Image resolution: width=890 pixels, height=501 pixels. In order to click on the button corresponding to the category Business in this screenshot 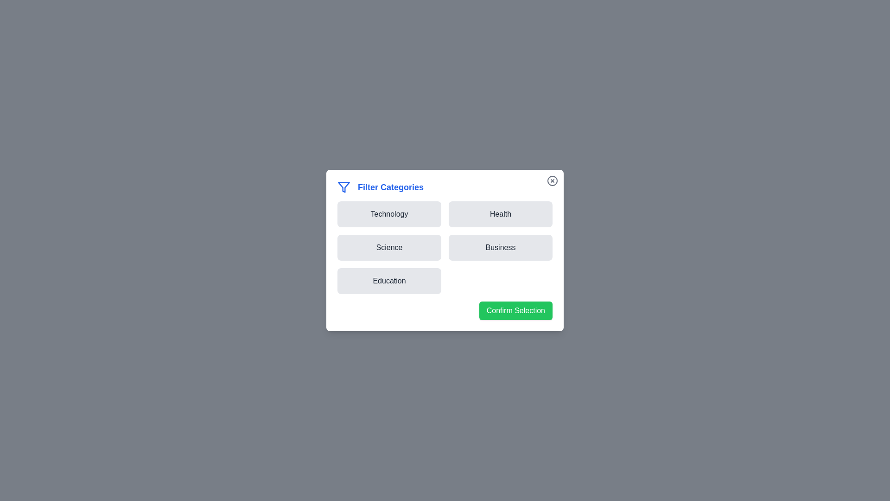, I will do `click(500, 247)`.